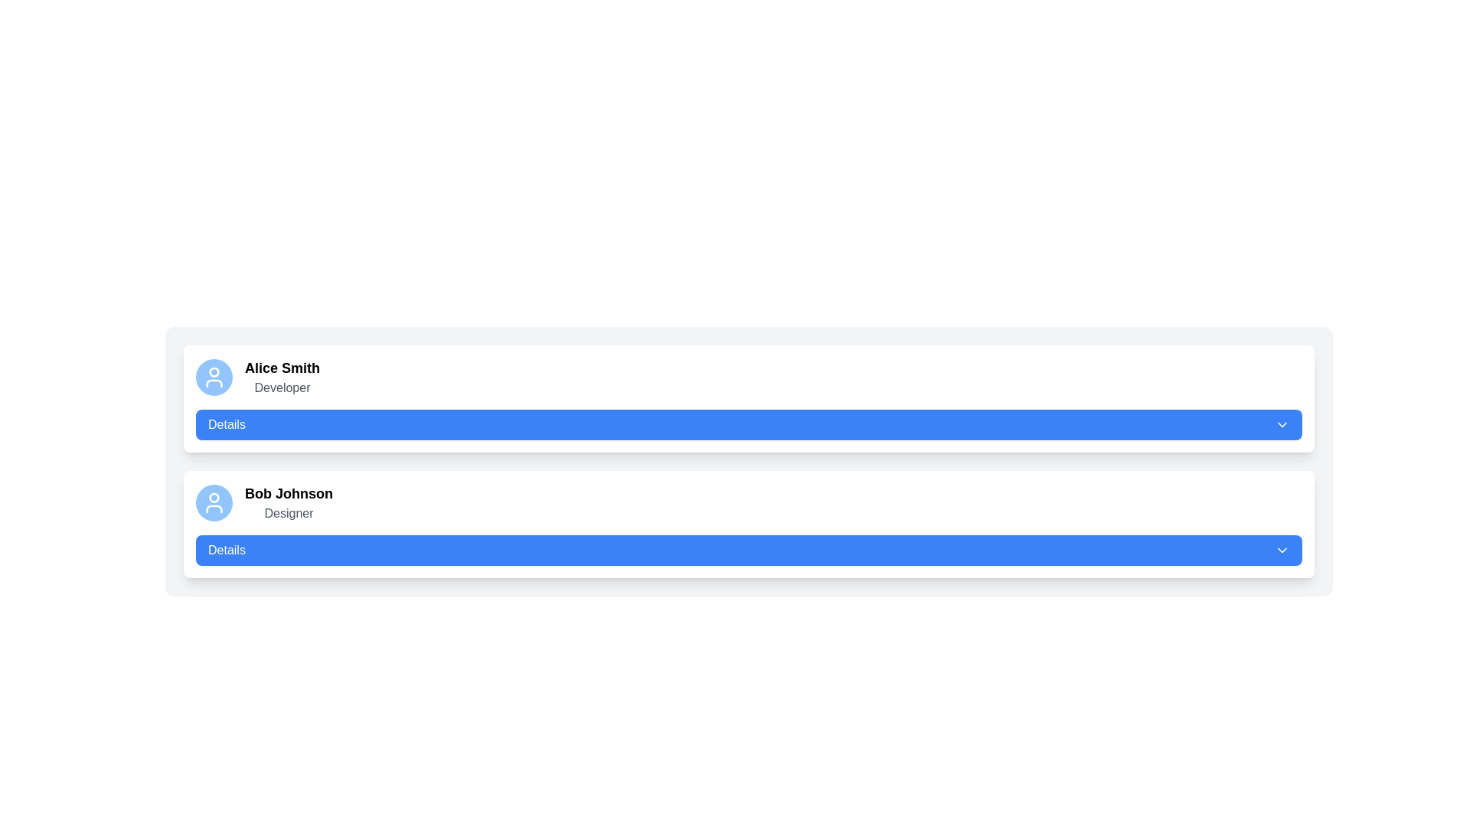 This screenshot has height=827, width=1470. Describe the element at coordinates (226, 549) in the screenshot. I see `text of the 'Details' label located within the blue button below the circular avatar of 'Bob Johnson'` at that location.